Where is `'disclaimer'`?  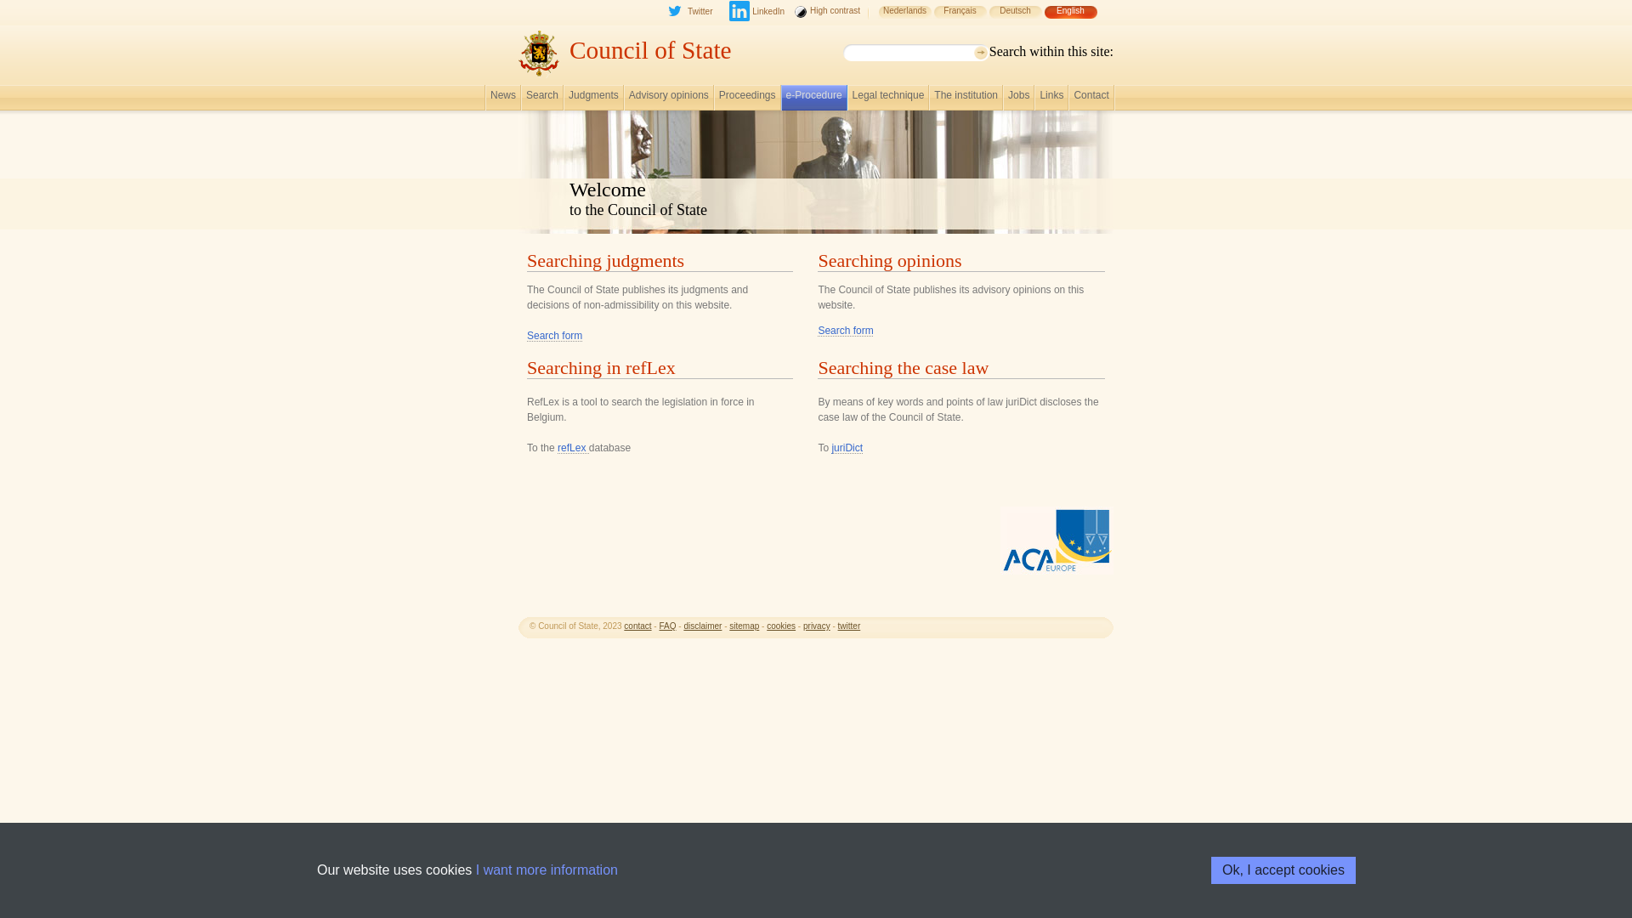 'disclaimer' is located at coordinates (702, 626).